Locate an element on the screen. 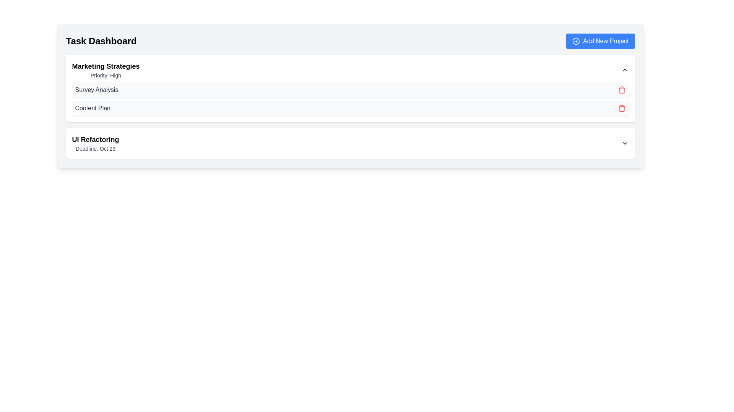  the arrow on the 'UI Refactoring' task entry in the 'Task Dashboard' is located at coordinates (350, 143).